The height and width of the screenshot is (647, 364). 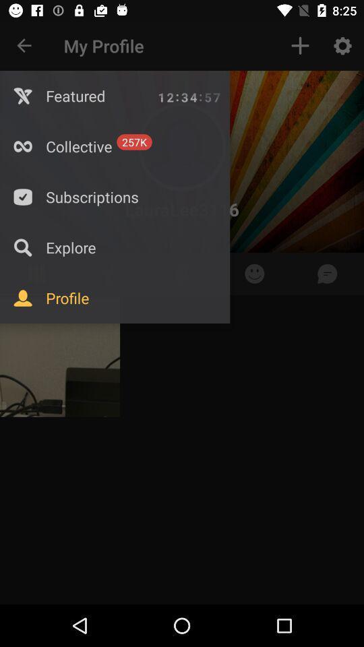 What do you see at coordinates (24, 46) in the screenshot?
I see `icon to the left of the my profile item` at bounding box center [24, 46].